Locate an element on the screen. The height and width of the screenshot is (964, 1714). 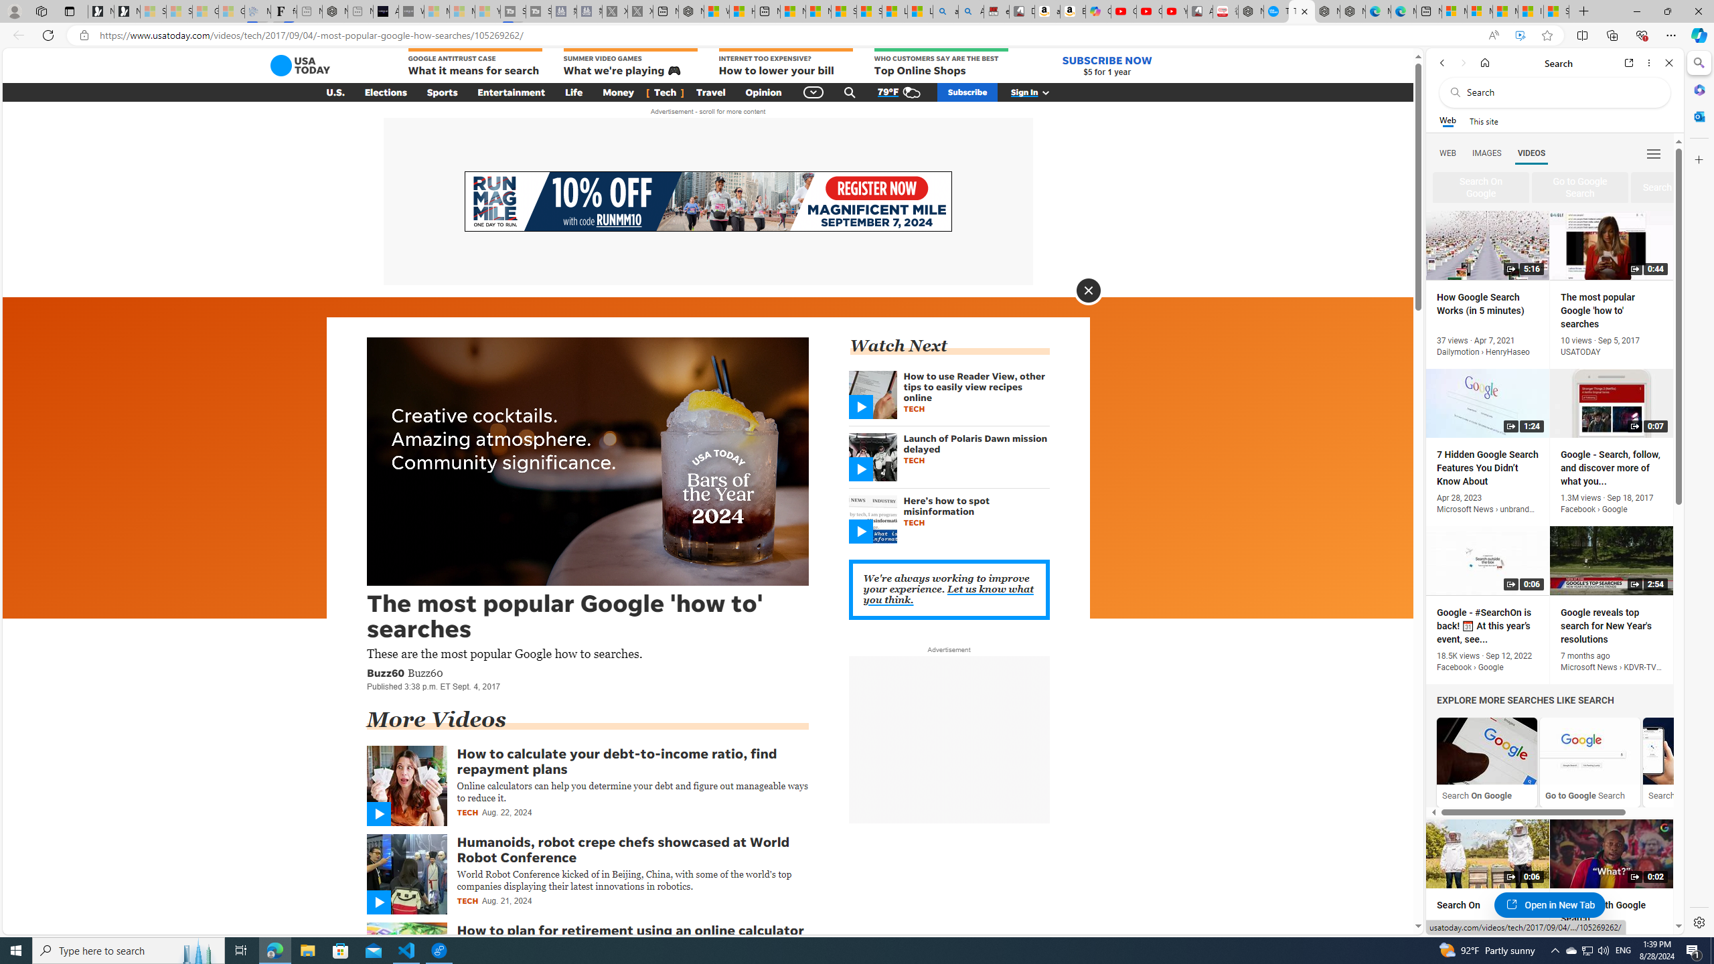
'Go to Google Search' is located at coordinates (1589, 762).